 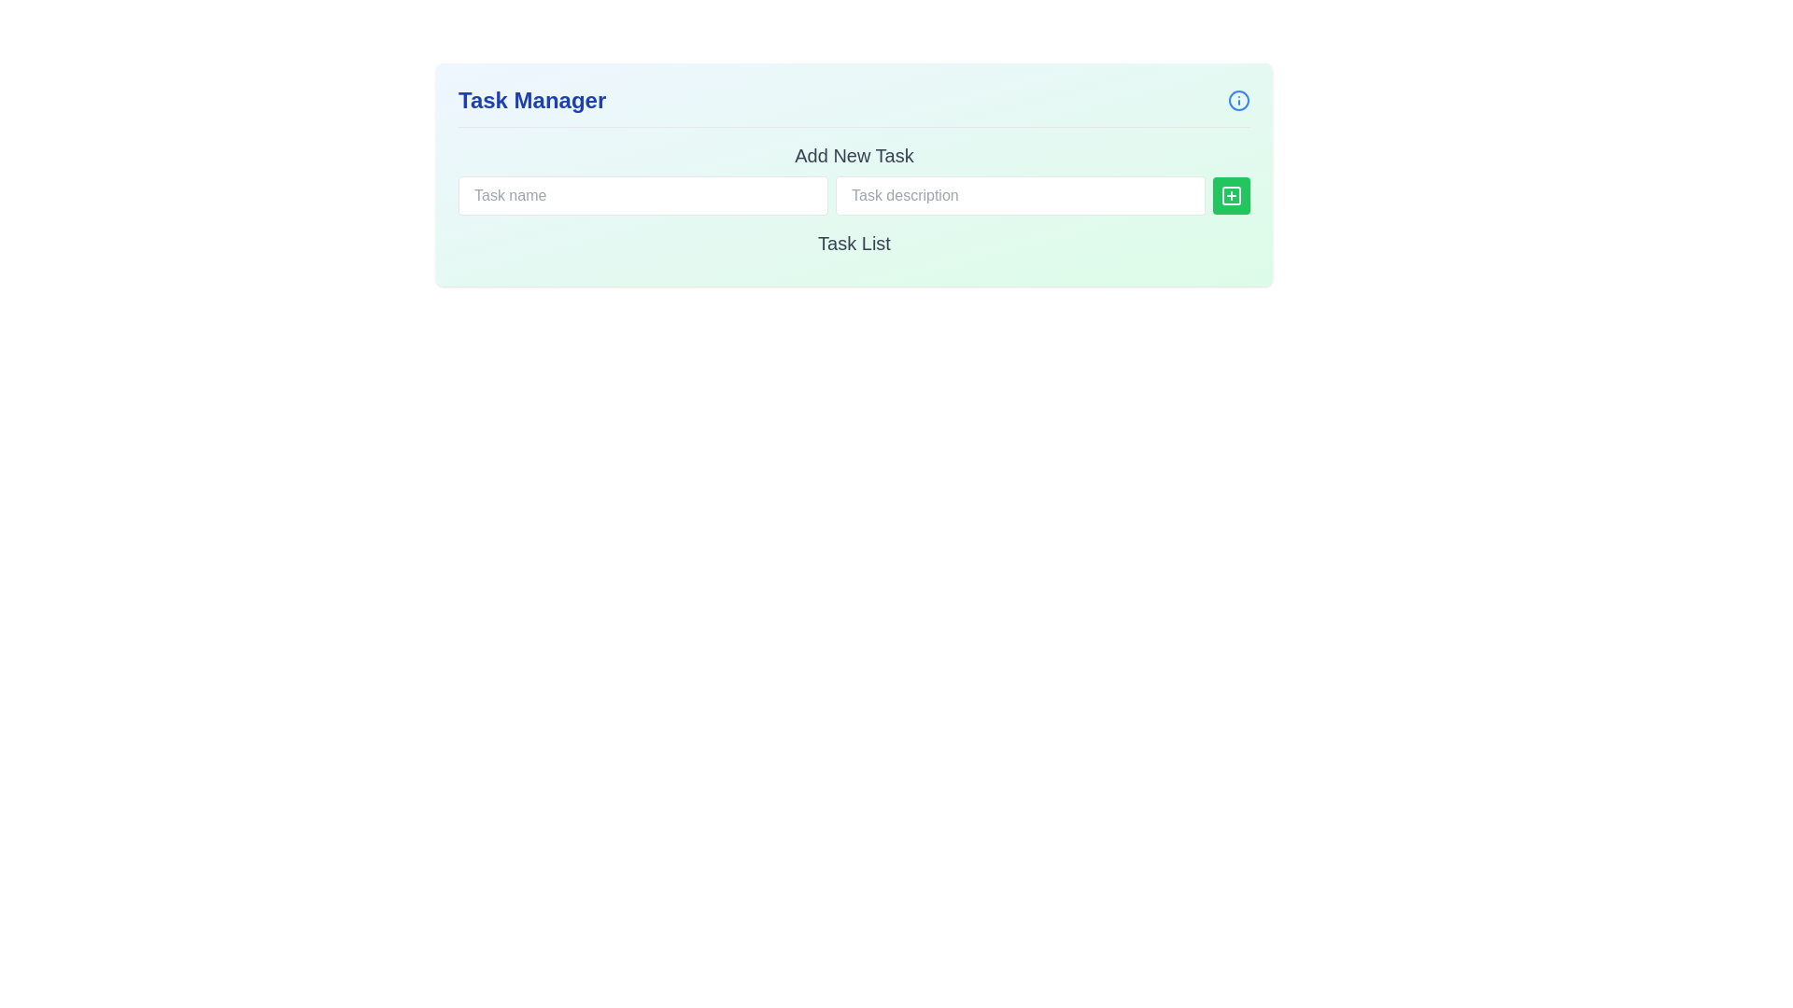 I want to click on the textual header 'Task Manager' which is styled in bold, large dark blue font at the top-left of the interface, so click(x=531, y=101).